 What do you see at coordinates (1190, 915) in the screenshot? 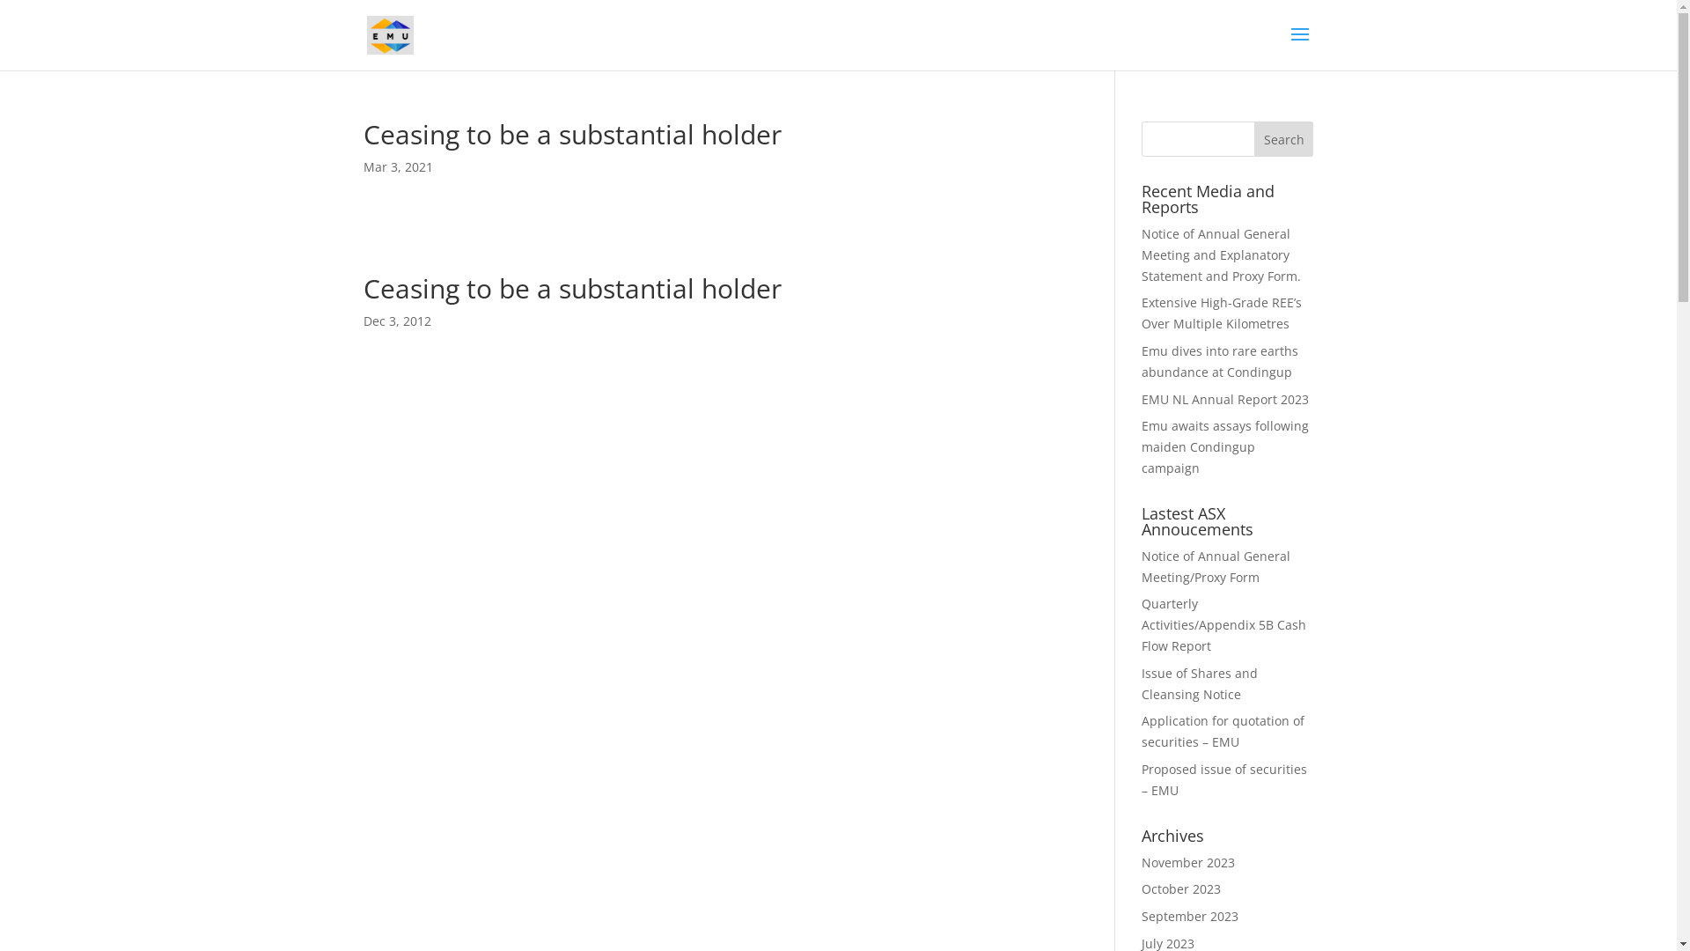
I see `'September 2023'` at bounding box center [1190, 915].